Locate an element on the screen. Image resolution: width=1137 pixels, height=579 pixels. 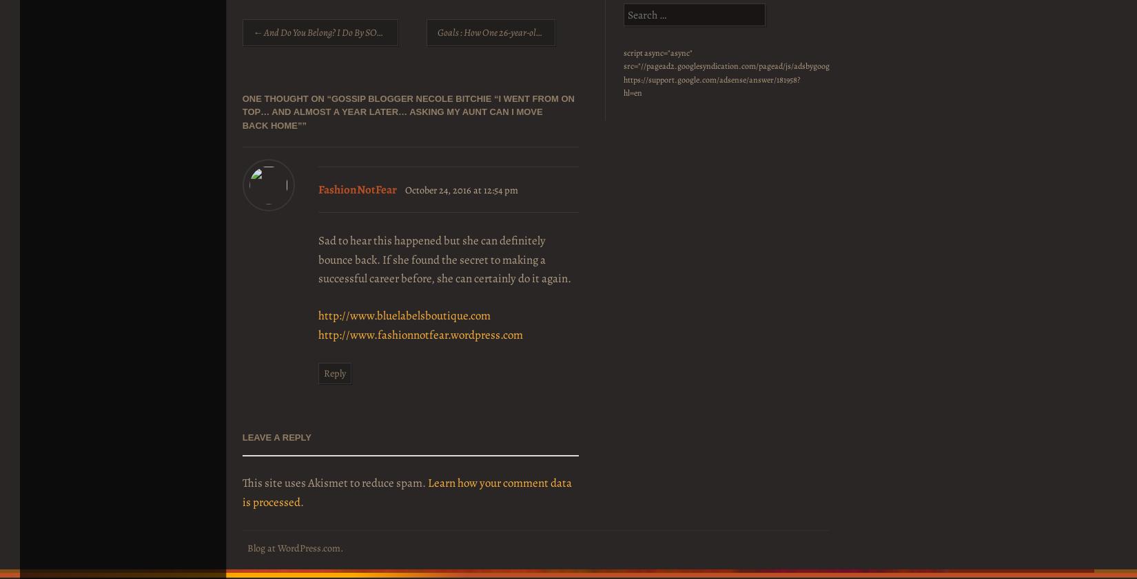
'One thought on “' is located at coordinates (285, 97).